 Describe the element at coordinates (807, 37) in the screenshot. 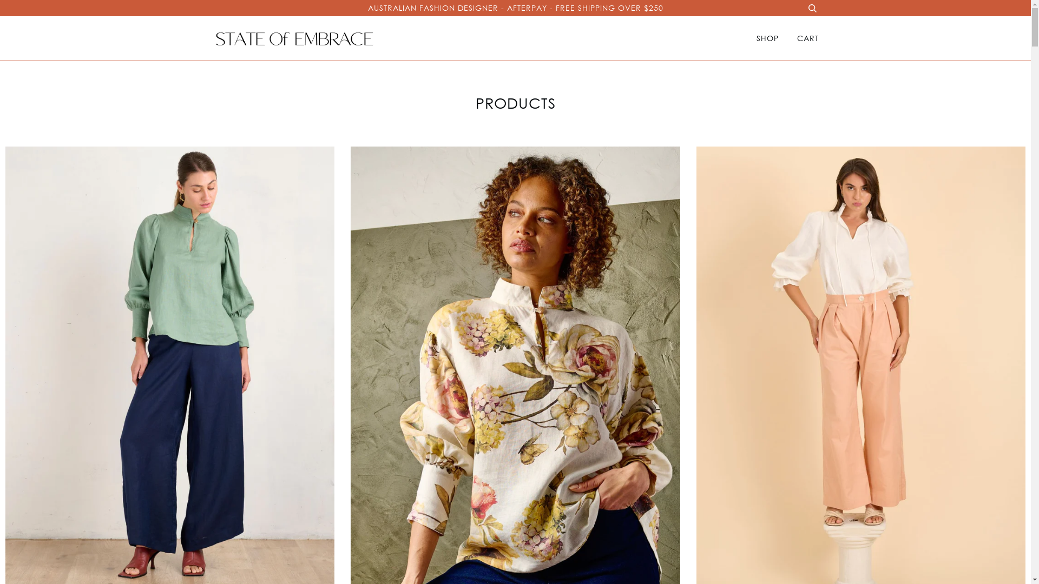

I see `'CART'` at that location.